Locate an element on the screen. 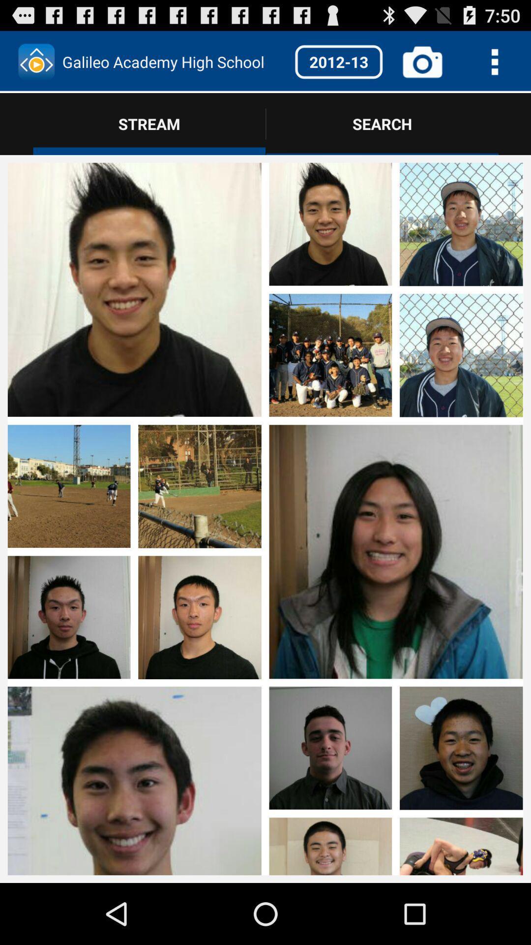  see photo is located at coordinates (134, 552).